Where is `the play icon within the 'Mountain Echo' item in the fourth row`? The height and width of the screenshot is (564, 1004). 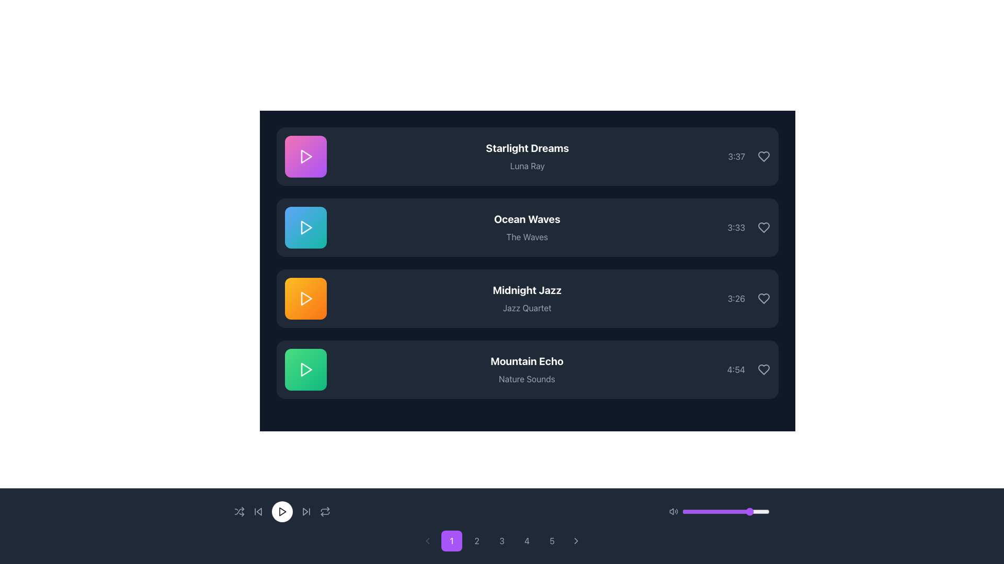 the play icon within the 'Mountain Echo' item in the fourth row is located at coordinates (305, 369).